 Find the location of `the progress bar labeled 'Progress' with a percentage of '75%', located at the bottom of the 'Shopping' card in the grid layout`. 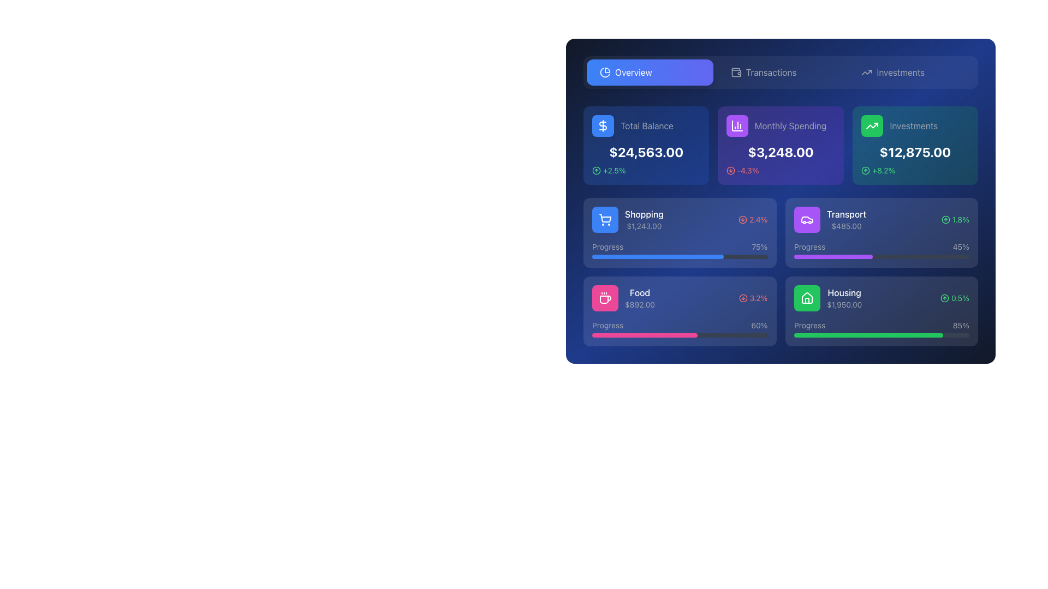

the progress bar labeled 'Progress' with a percentage of '75%', located at the bottom of the 'Shopping' card in the grid layout is located at coordinates (679, 250).